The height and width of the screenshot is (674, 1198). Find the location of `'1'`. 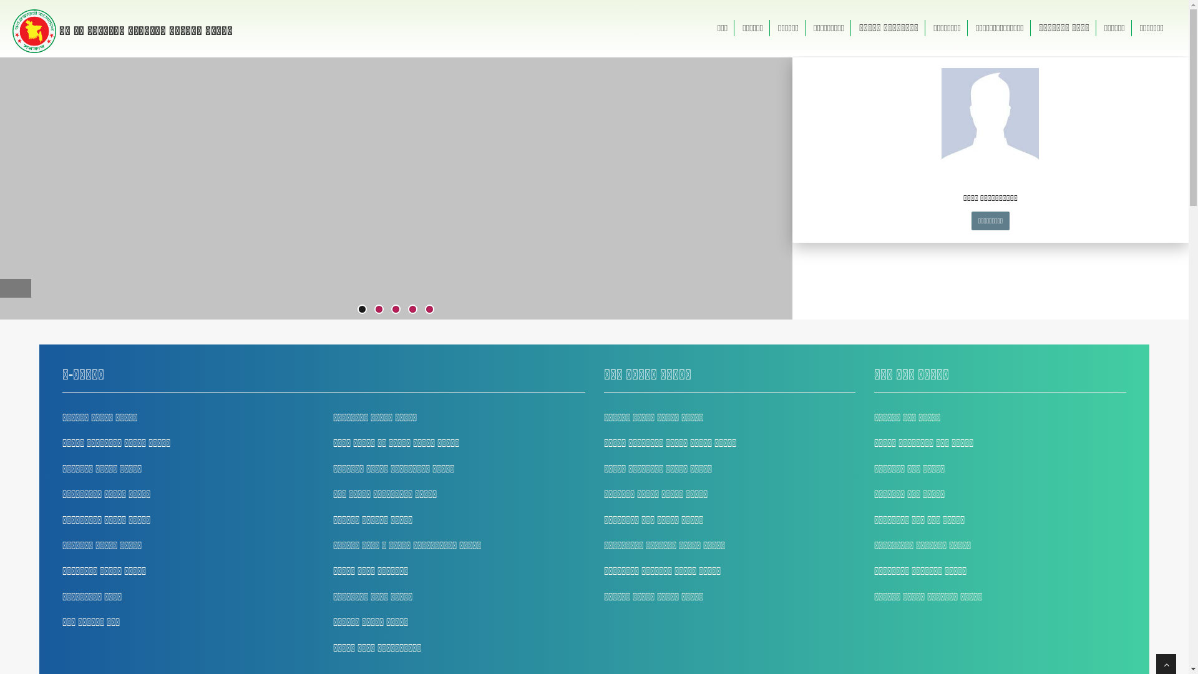

'1' is located at coordinates (361, 309).